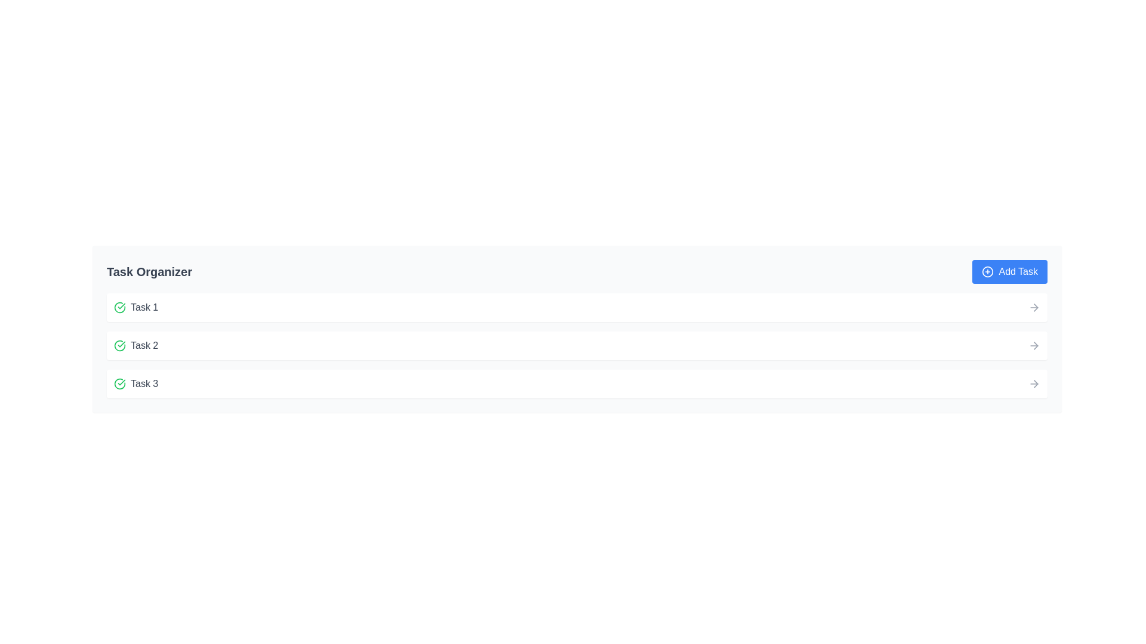  What do you see at coordinates (144, 345) in the screenshot?
I see `the text label 'Task 2'` at bounding box center [144, 345].